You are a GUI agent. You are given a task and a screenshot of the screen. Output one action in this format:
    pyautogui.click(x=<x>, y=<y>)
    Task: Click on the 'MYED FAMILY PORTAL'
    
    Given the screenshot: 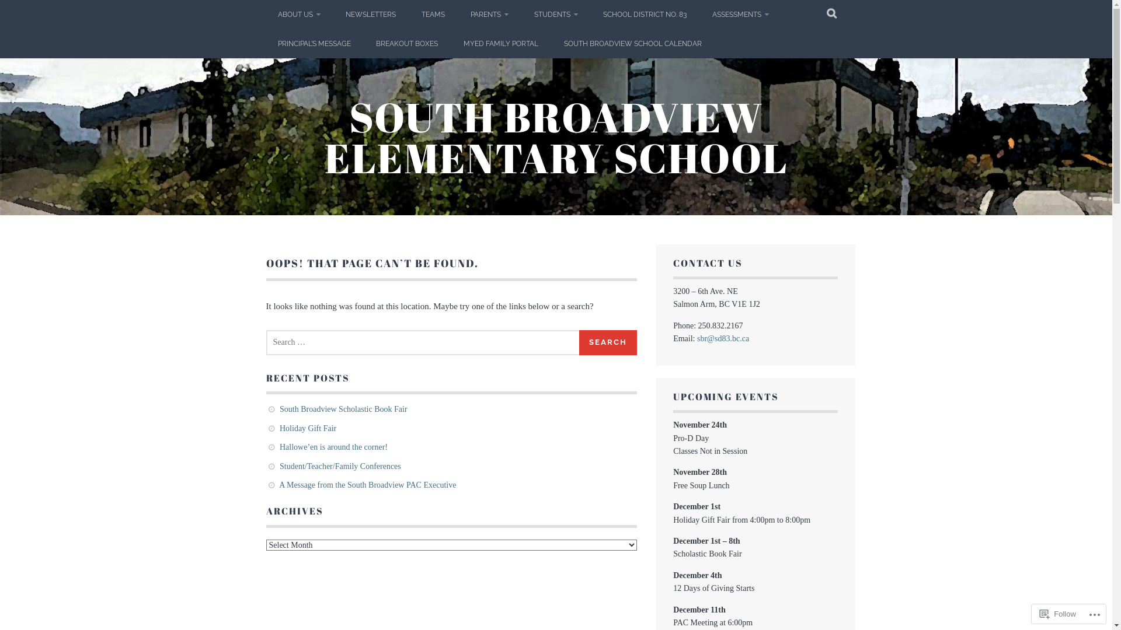 What is the action you would take?
    pyautogui.click(x=501, y=43)
    